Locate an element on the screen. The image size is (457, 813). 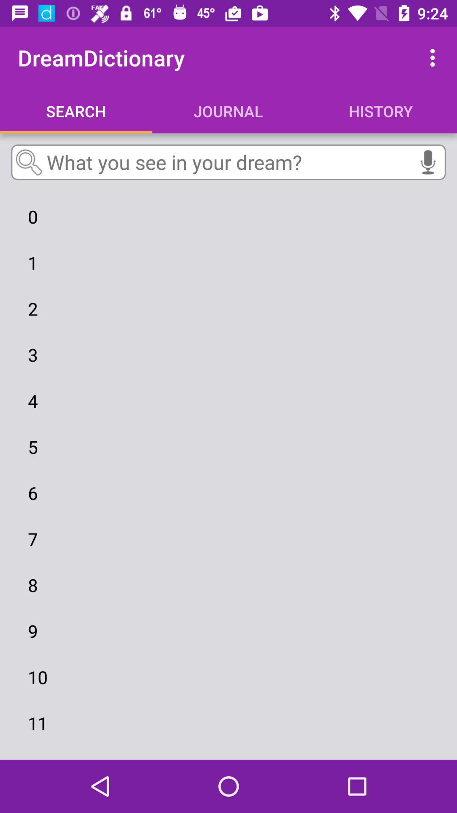
the app next to dreamdictionary item is located at coordinates (435, 57).